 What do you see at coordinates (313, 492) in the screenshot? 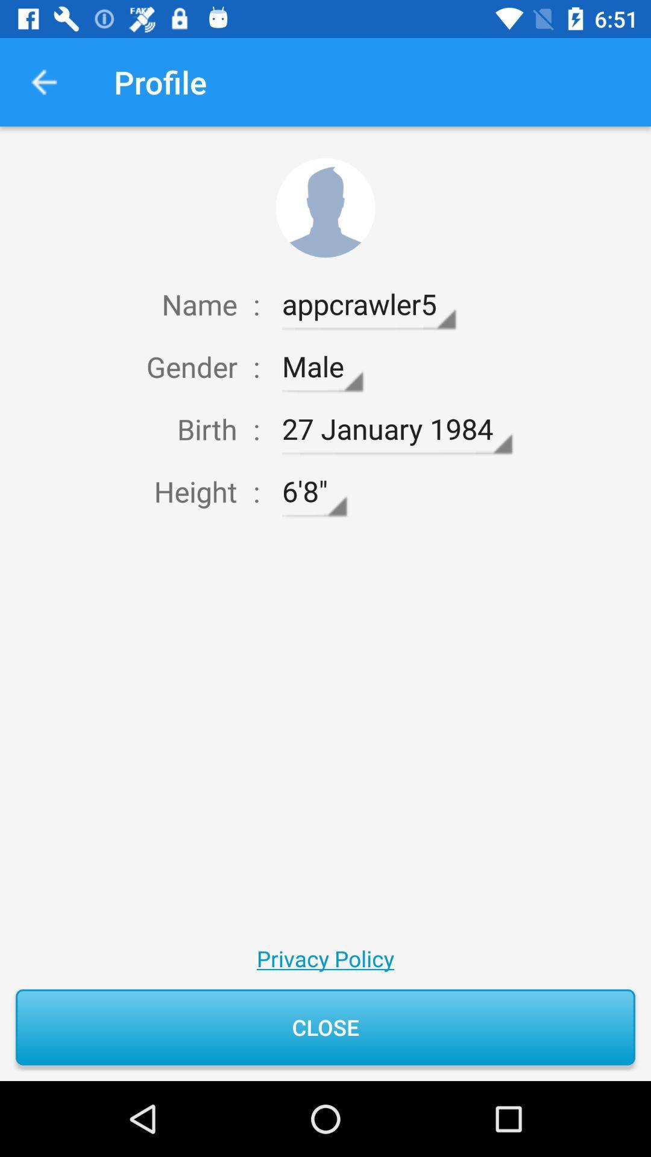
I see `the icon next to the : icon` at bounding box center [313, 492].